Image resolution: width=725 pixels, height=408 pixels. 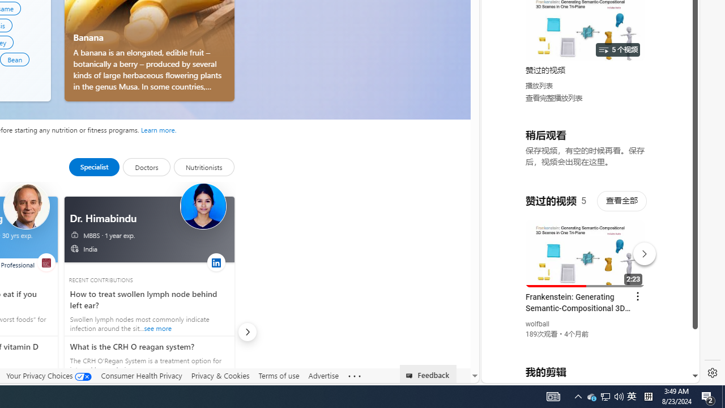 What do you see at coordinates (141, 376) in the screenshot?
I see `'Consumer Health Privacy'` at bounding box center [141, 376].